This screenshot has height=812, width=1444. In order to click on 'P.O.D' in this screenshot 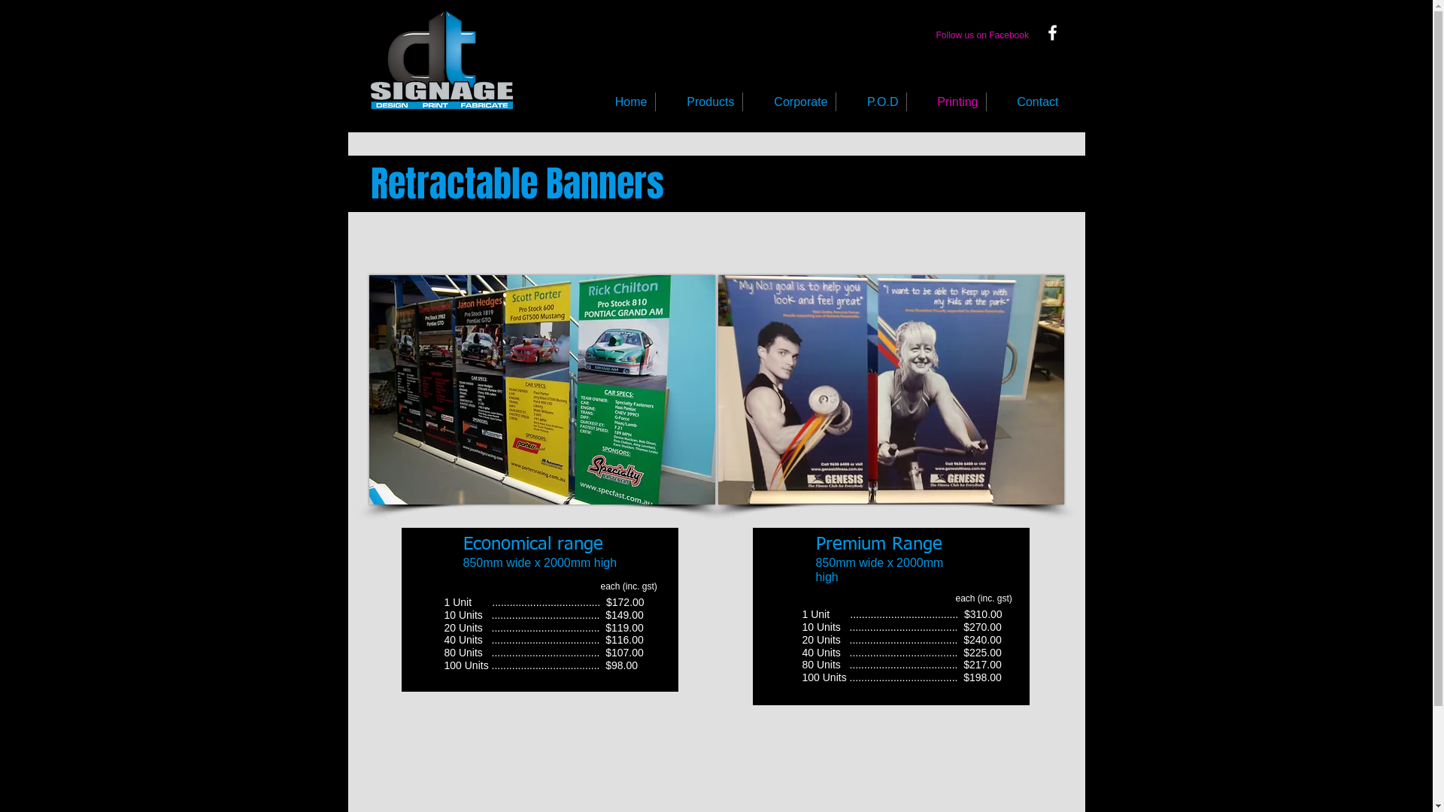, I will do `click(871, 101)`.